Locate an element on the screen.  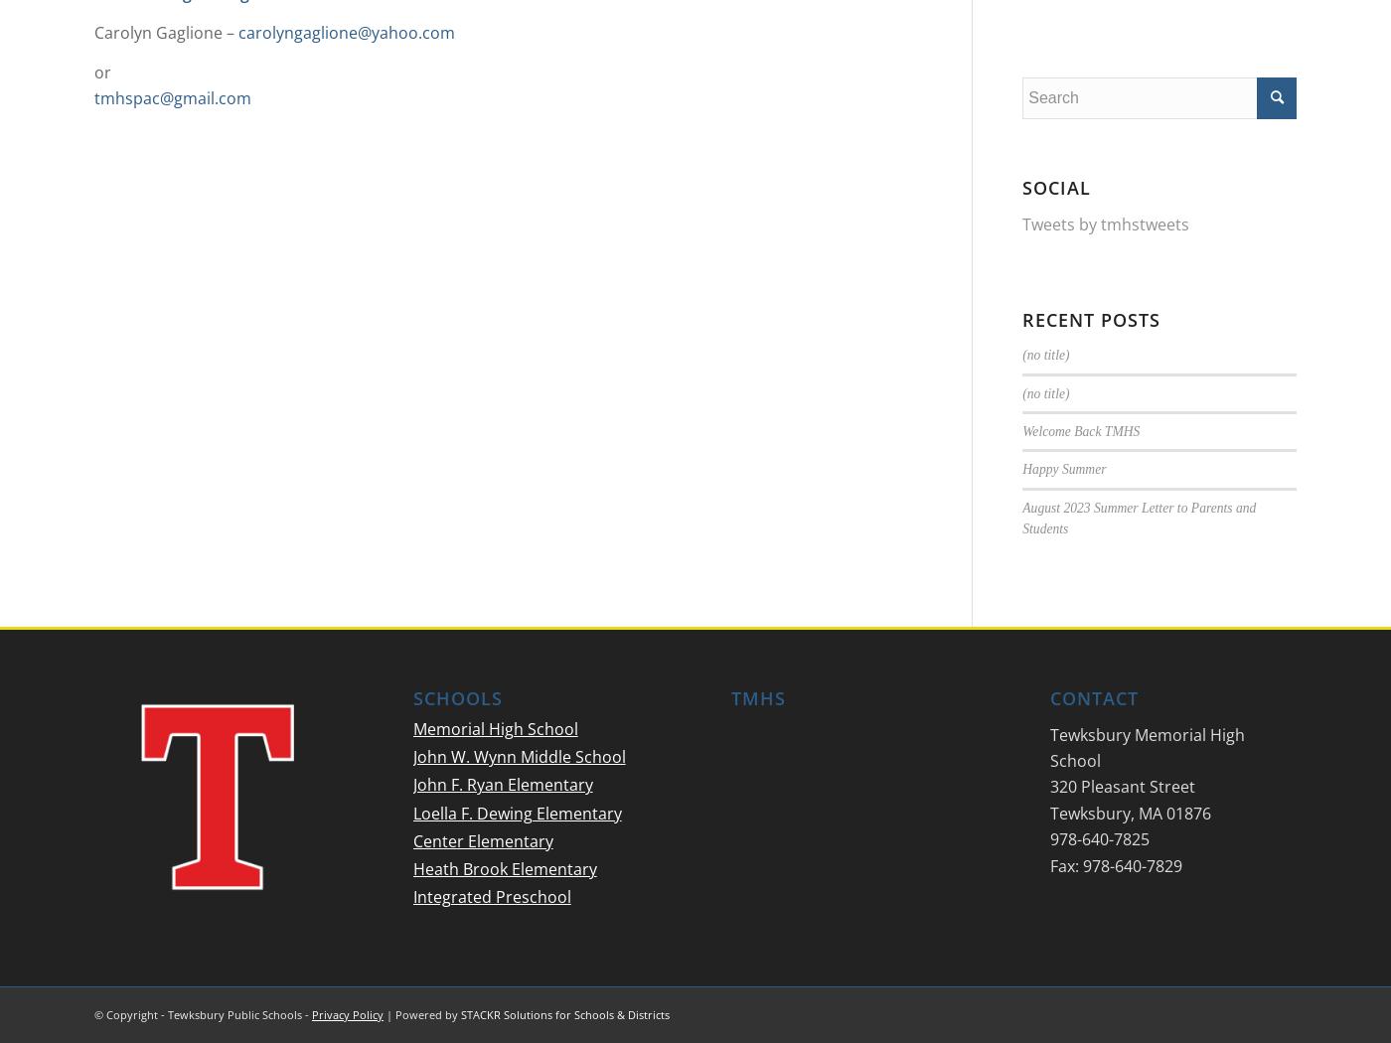
'Tewksbury, MA 01876' is located at coordinates (1129, 811).